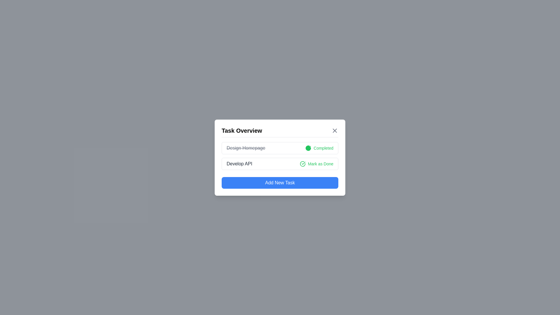  What do you see at coordinates (308, 148) in the screenshot?
I see `the Status indicator icon for the task 'Design Homepage', which is positioned to the left of the text 'Completed' in the 'Task Overview' dialog` at bounding box center [308, 148].